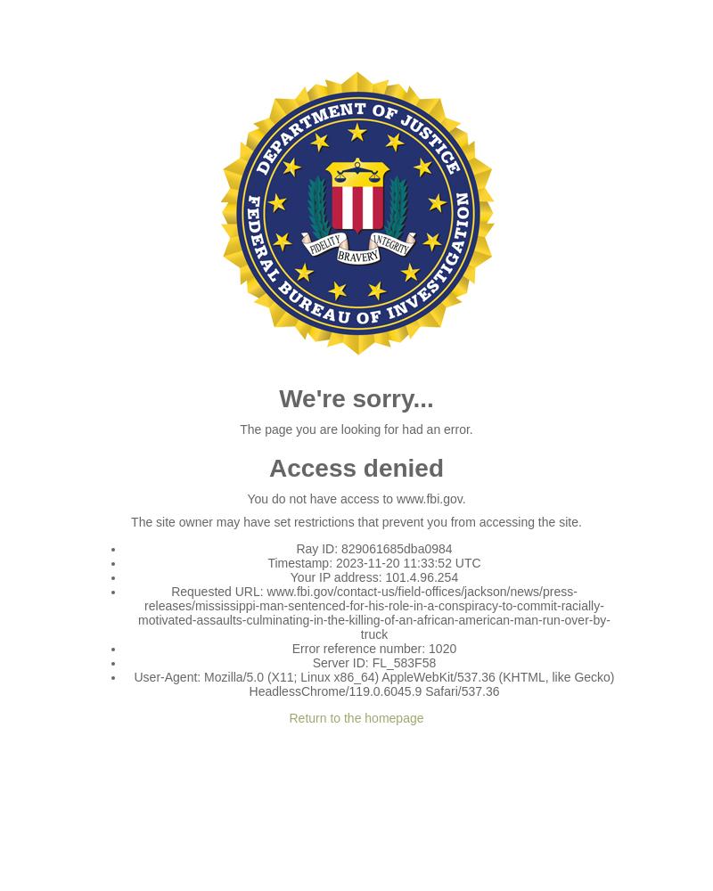 This screenshot has width=713, height=891. What do you see at coordinates (355, 718) in the screenshot?
I see `'Return to the homepage'` at bounding box center [355, 718].